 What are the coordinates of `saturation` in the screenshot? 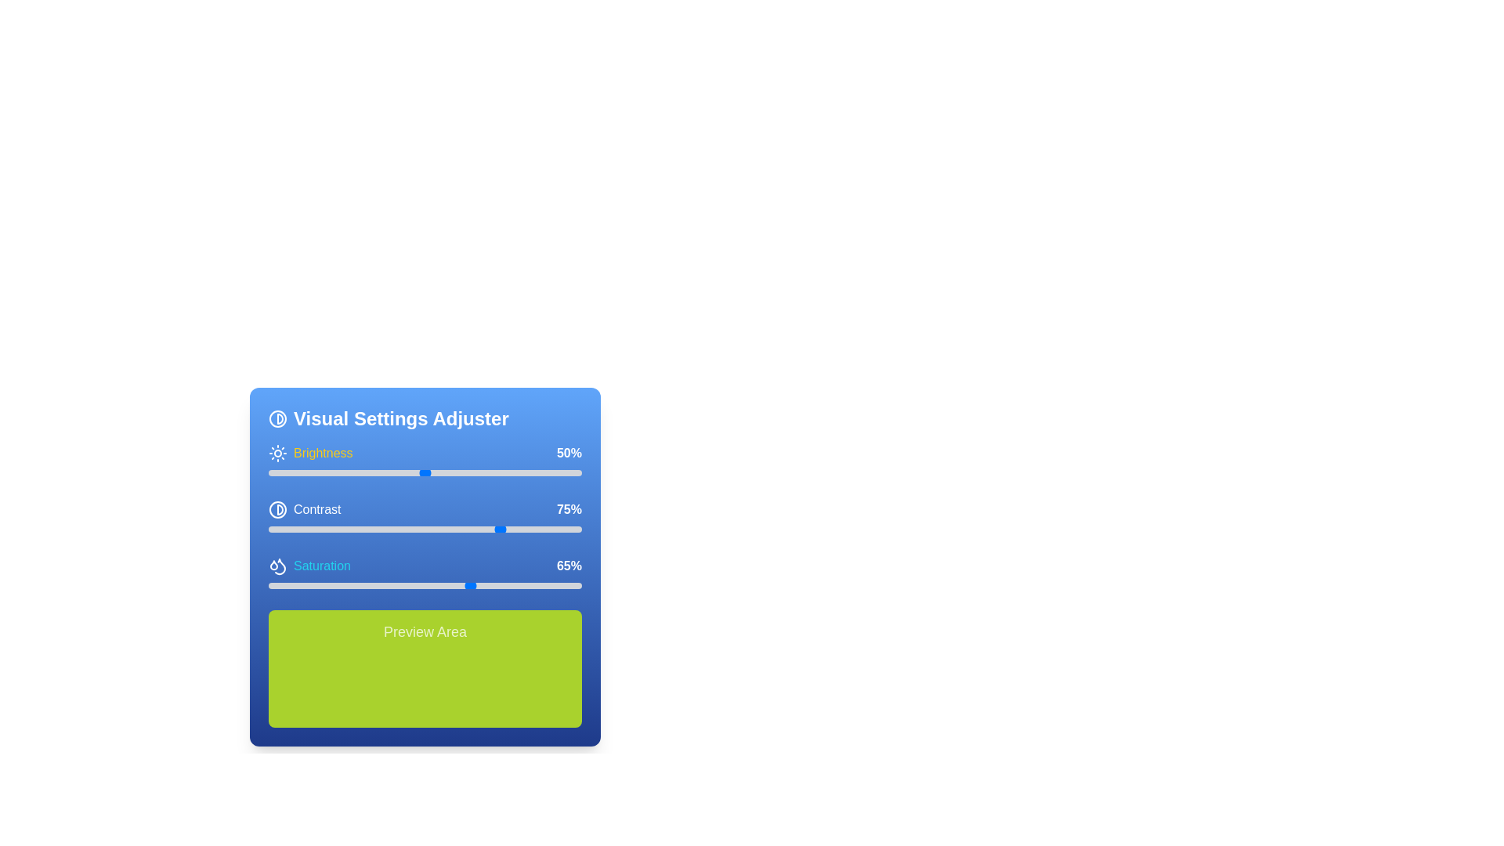 It's located at (425, 586).